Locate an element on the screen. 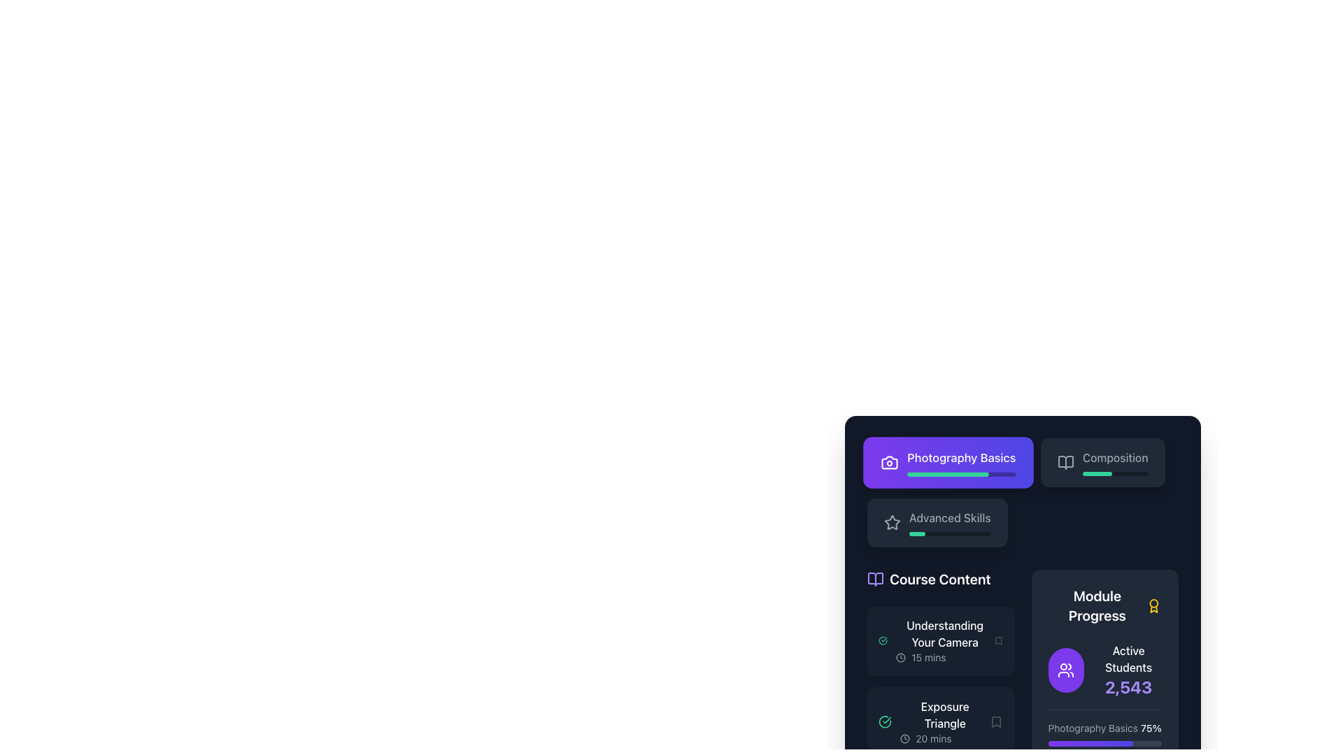  the 'Active Students' icon button located in the bottom right corner of the 'Module Progress' section, which serves as a decorative status indicator is located at coordinates (1065, 670).